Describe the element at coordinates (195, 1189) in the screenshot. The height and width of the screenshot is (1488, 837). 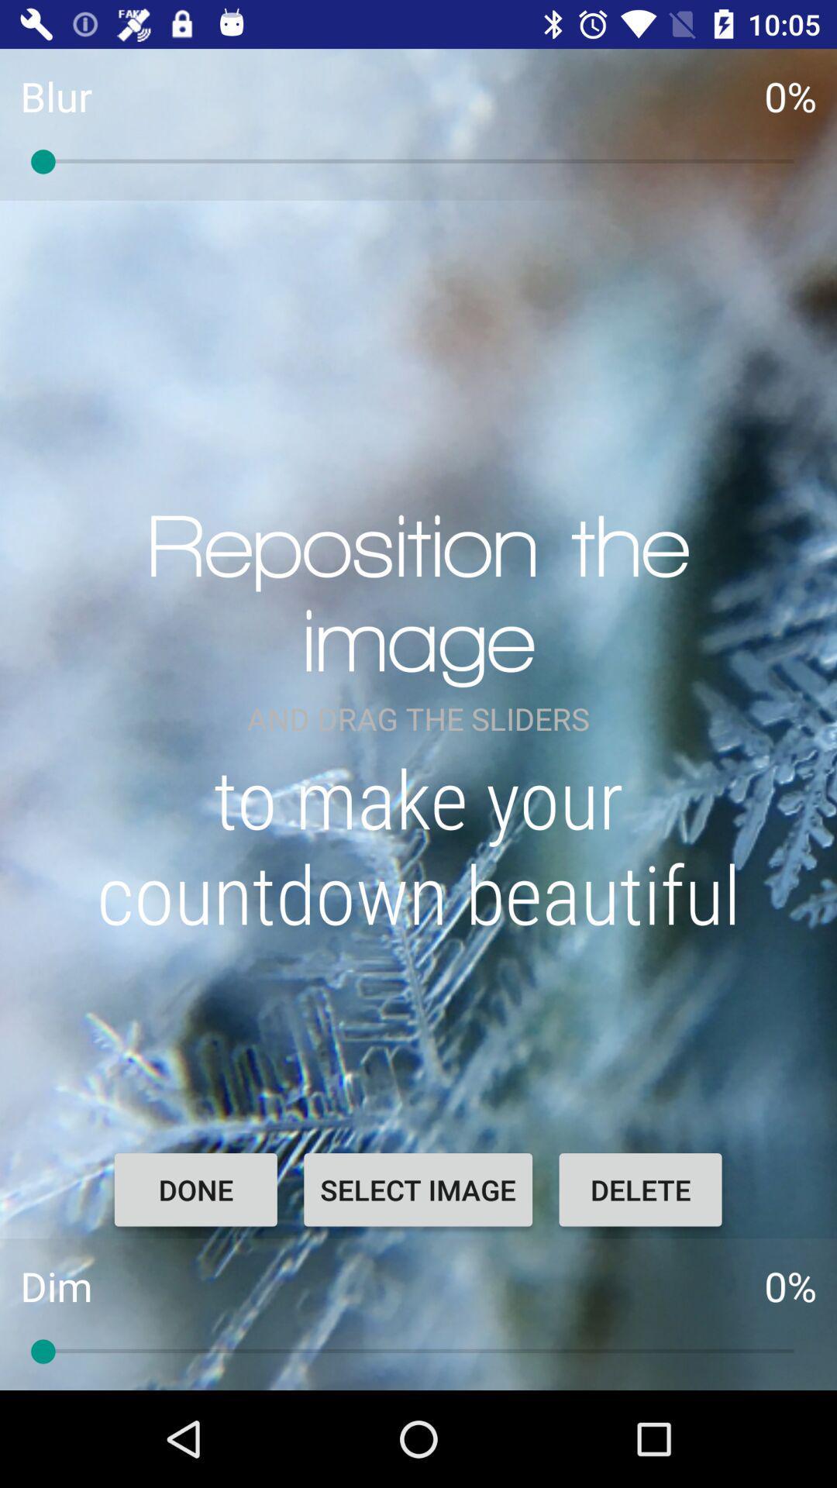
I see `the icon to the left of select image item` at that location.